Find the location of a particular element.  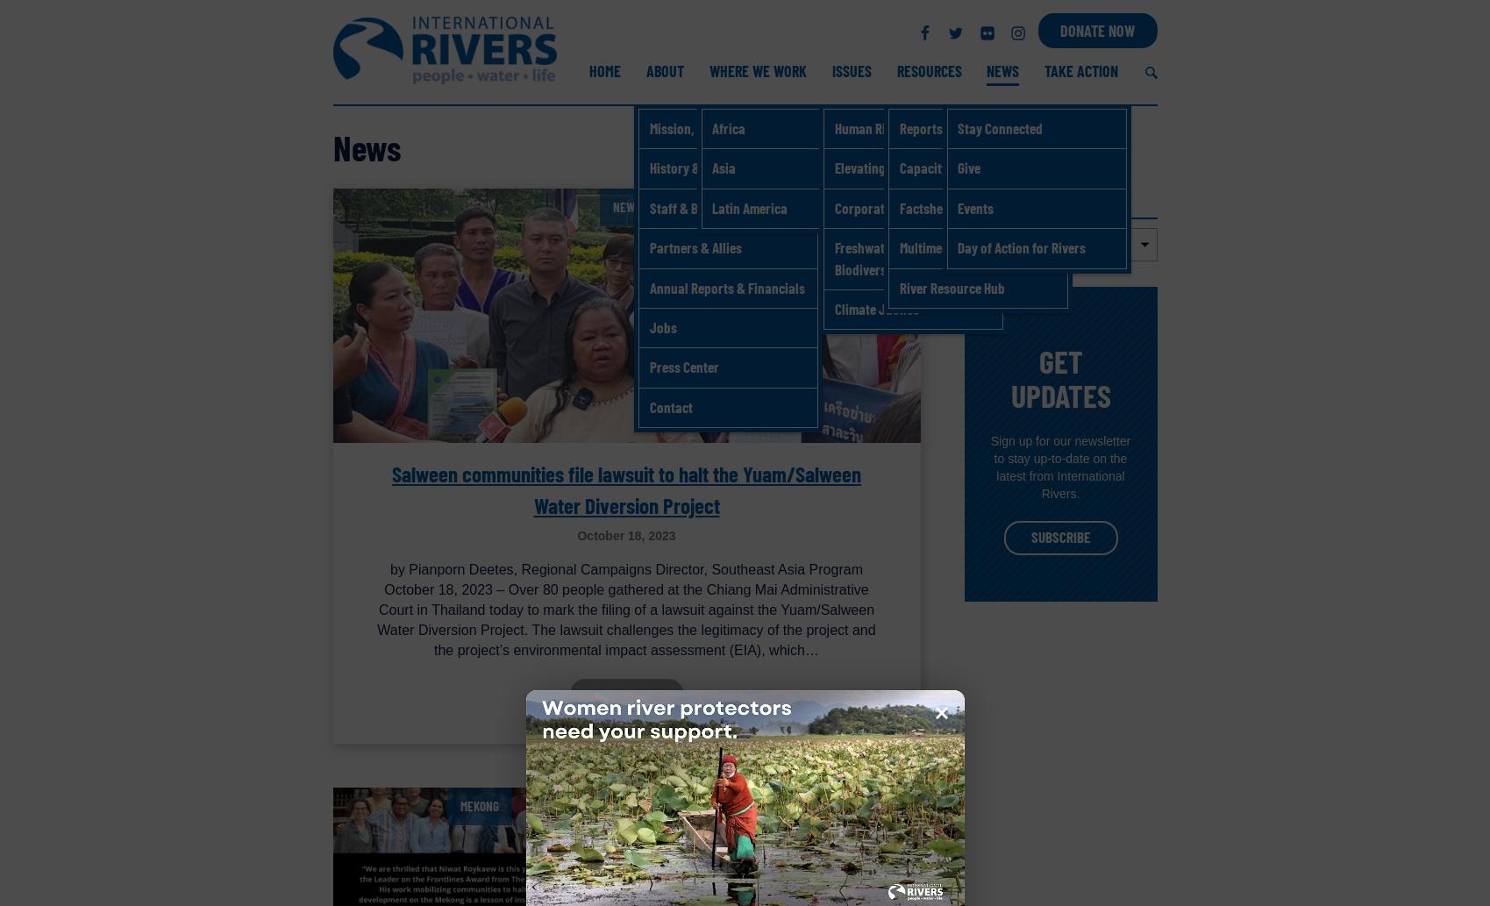

'Human Rights' is located at coordinates (872, 127).